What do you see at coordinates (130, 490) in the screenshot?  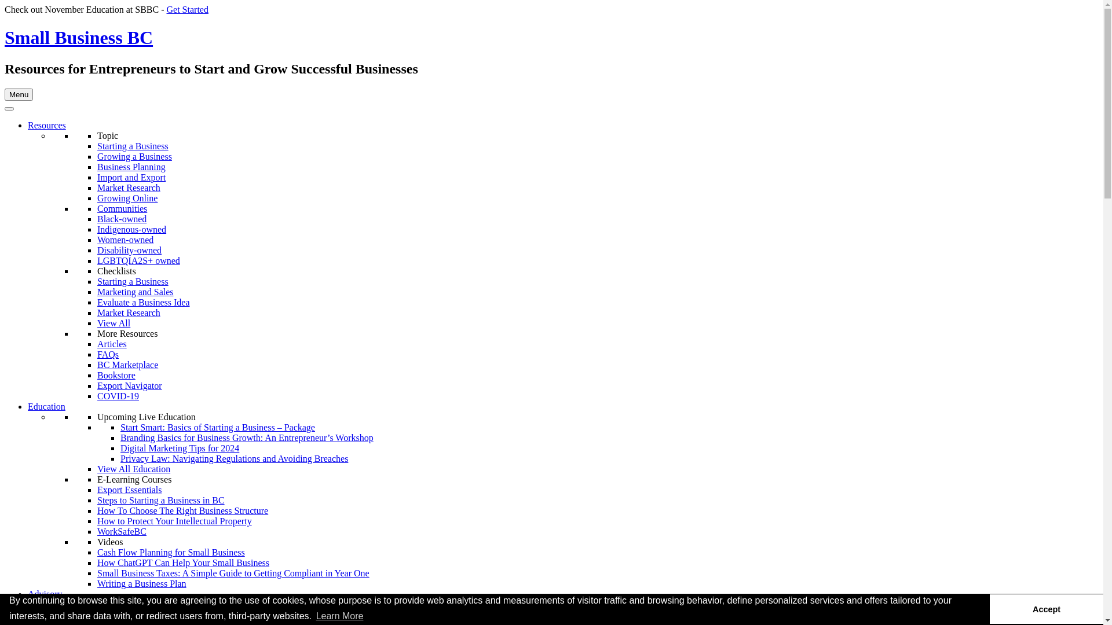 I see `'Export Essentials'` at bounding box center [130, 490].